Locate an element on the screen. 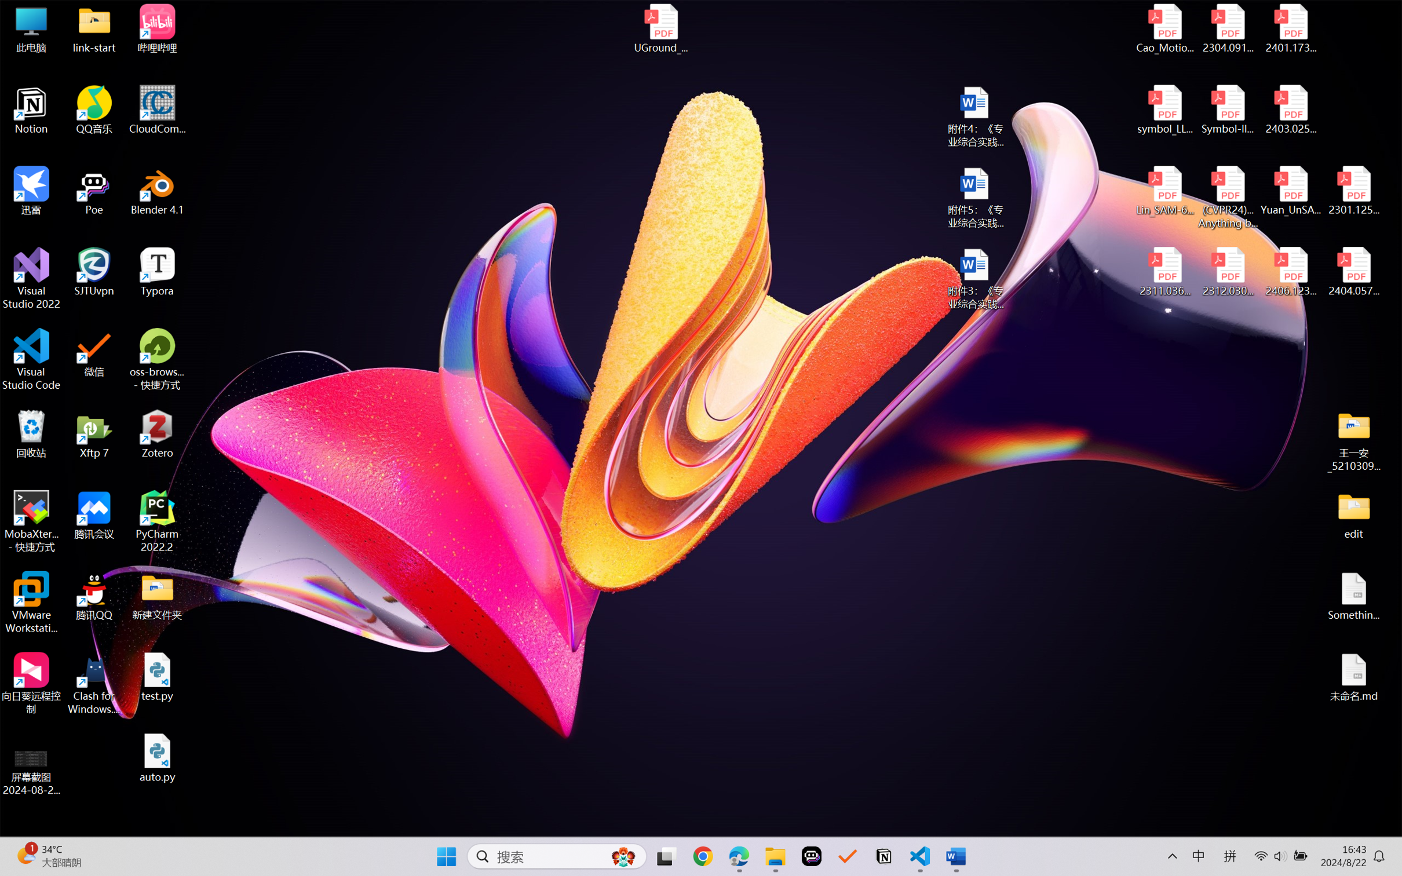 The width and height of the screenshot is (1402, 876). 'Blender 4.1' is located at coordinates (157, 190).